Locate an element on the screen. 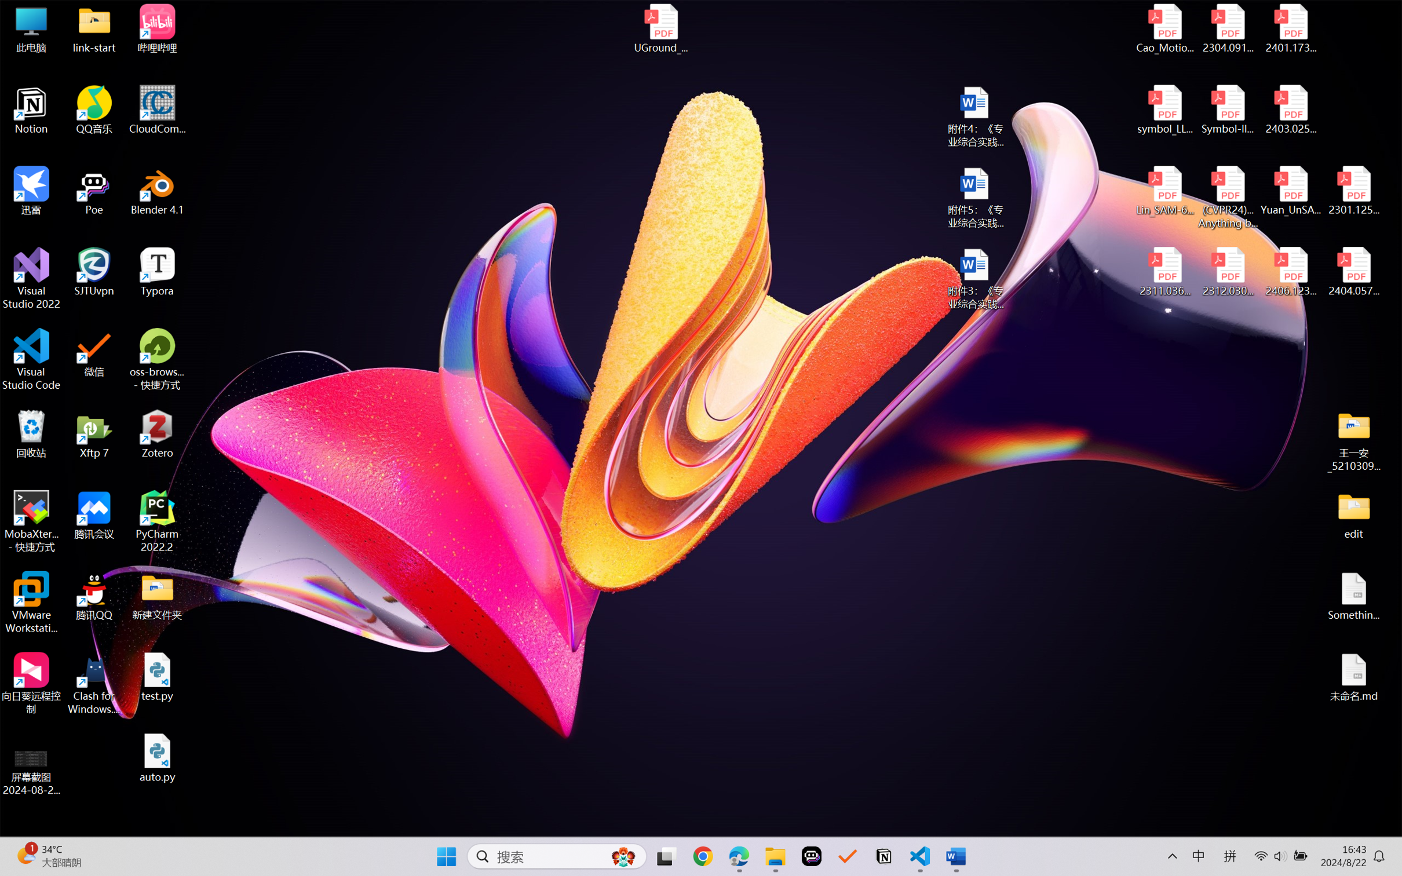 The width and height of the screenshot is (1402, 876). 'Blender 4.1' is located at coordinates (157, 190).